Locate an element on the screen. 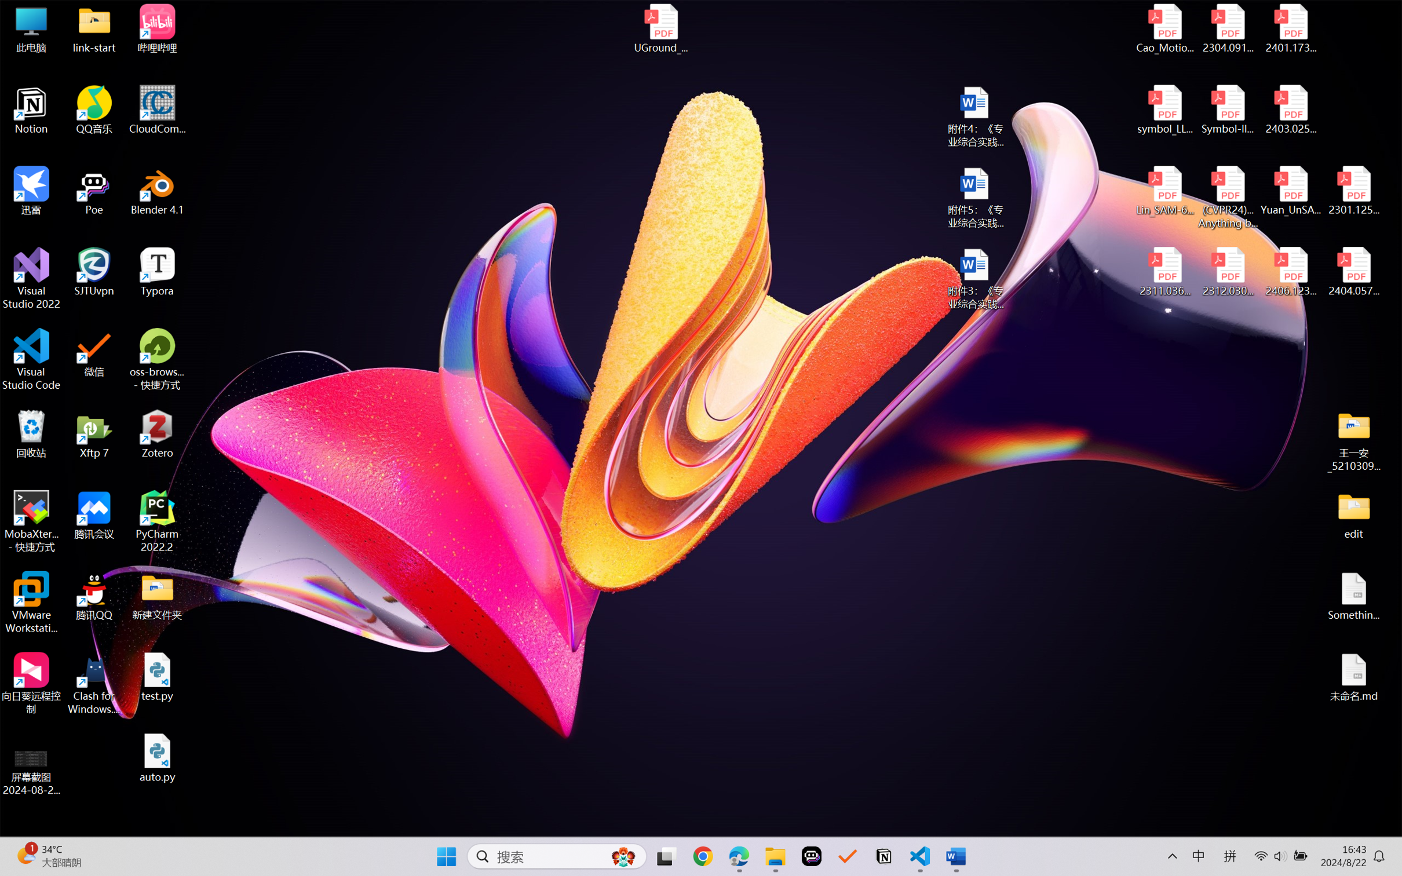 The width and height of the screenshot is (1402, 876). 'Blender 4.1' is located at coordinates (157, 190).